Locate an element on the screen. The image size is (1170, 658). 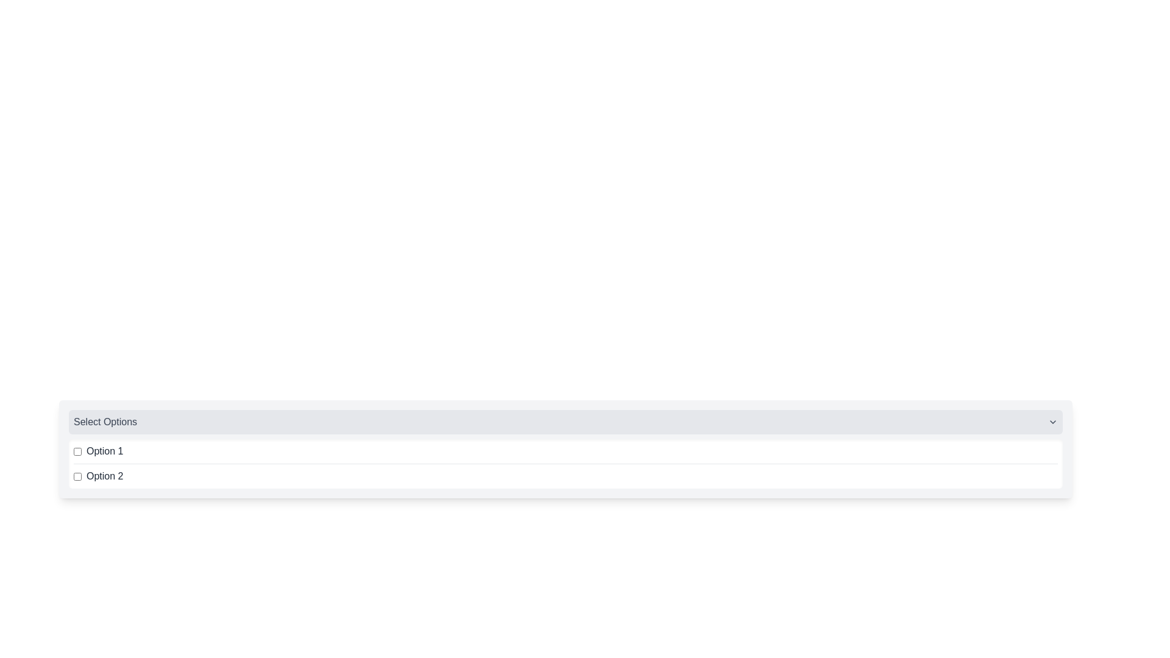
the Dropdown Header located at the top of the dropdown component group by moving the cursor to its center point is located at coordinates (565, 422).